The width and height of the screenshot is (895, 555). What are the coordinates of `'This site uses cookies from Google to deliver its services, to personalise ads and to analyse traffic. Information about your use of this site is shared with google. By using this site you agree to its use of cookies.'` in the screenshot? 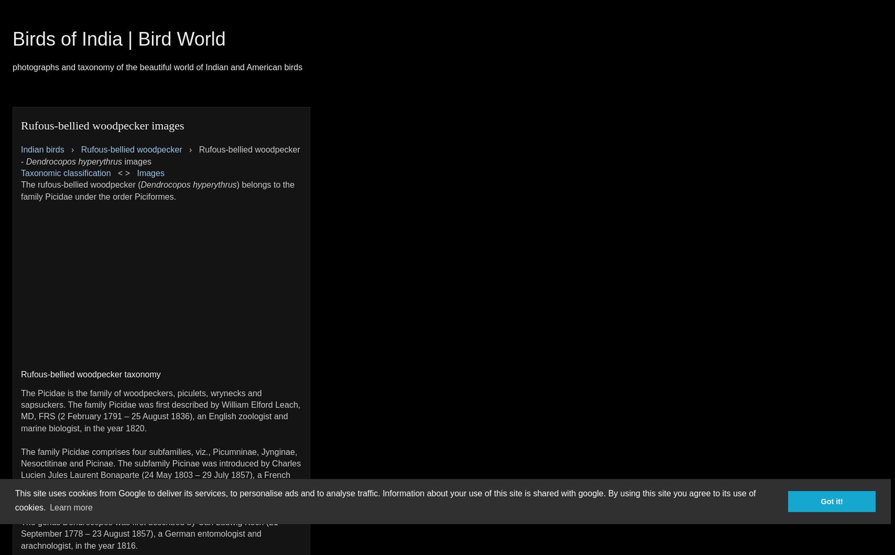 It's located at (385, 499).